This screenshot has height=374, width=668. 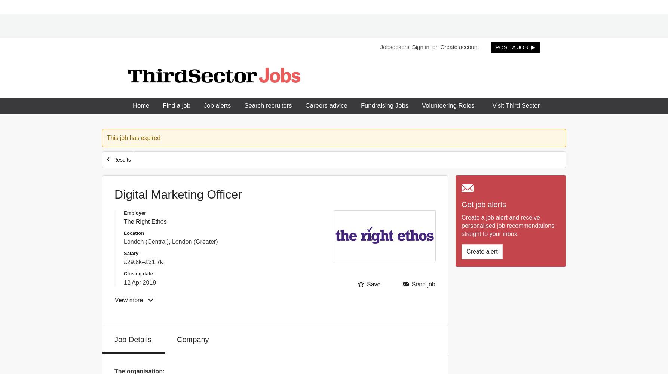 I want to click on 'Jobseekers', so click(x=394, y=46).